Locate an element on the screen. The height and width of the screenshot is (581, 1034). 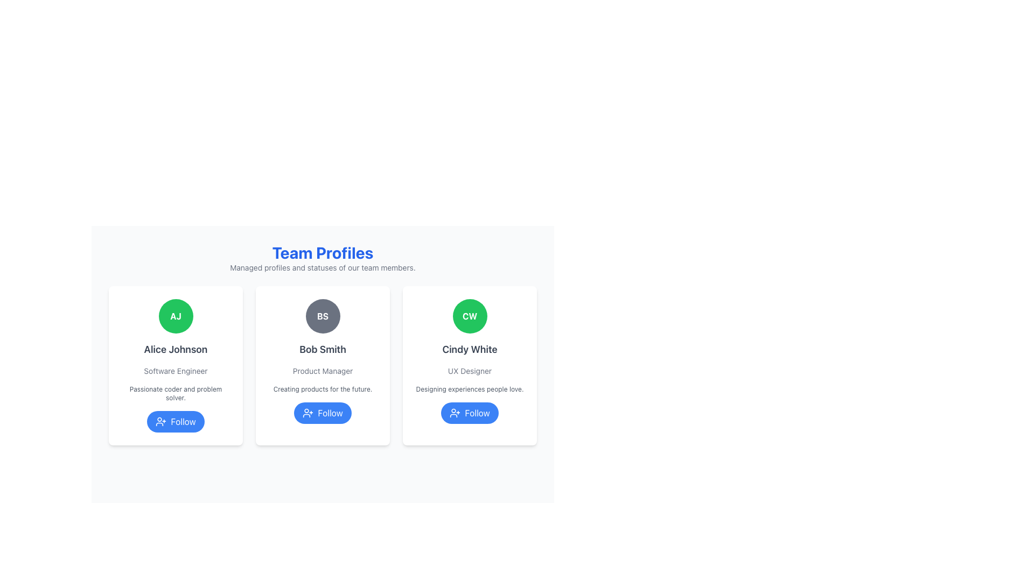
the textual content element that describes Cindy White's professional ethos, located below the 'UX Designer' designation and above the 'Follow' button is located at coordinates (470, 389).